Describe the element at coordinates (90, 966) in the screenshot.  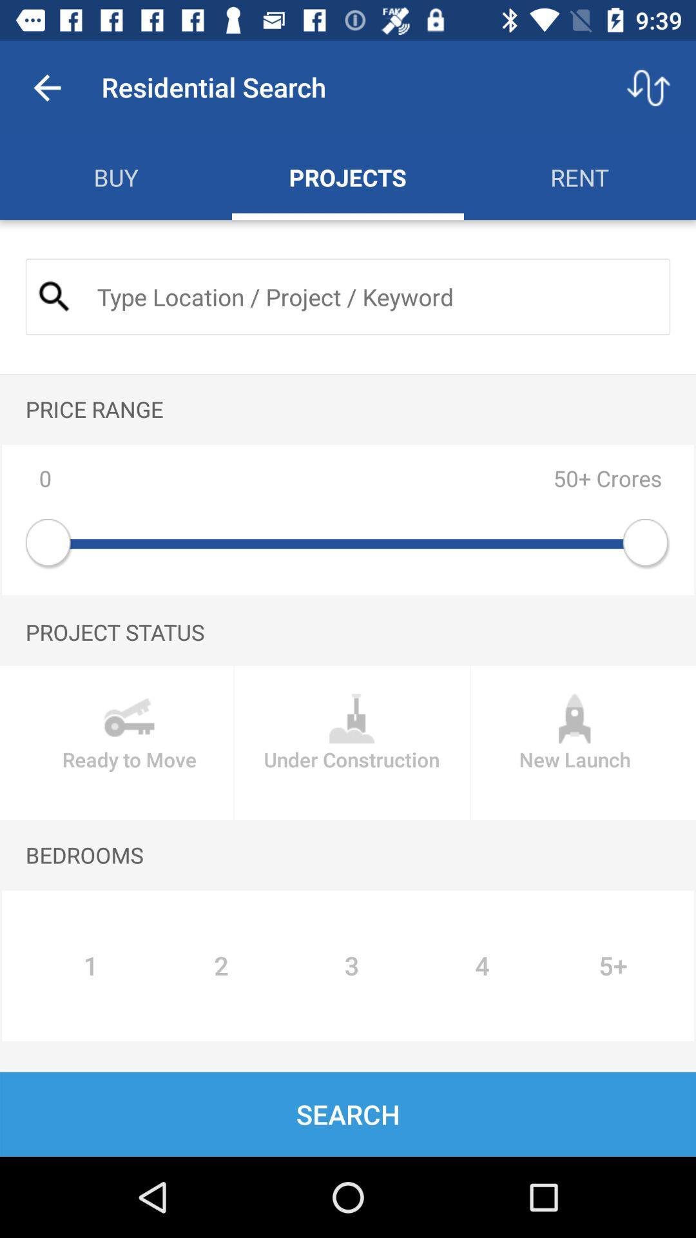
I see `the icon below the bedrooms icon` at that location.